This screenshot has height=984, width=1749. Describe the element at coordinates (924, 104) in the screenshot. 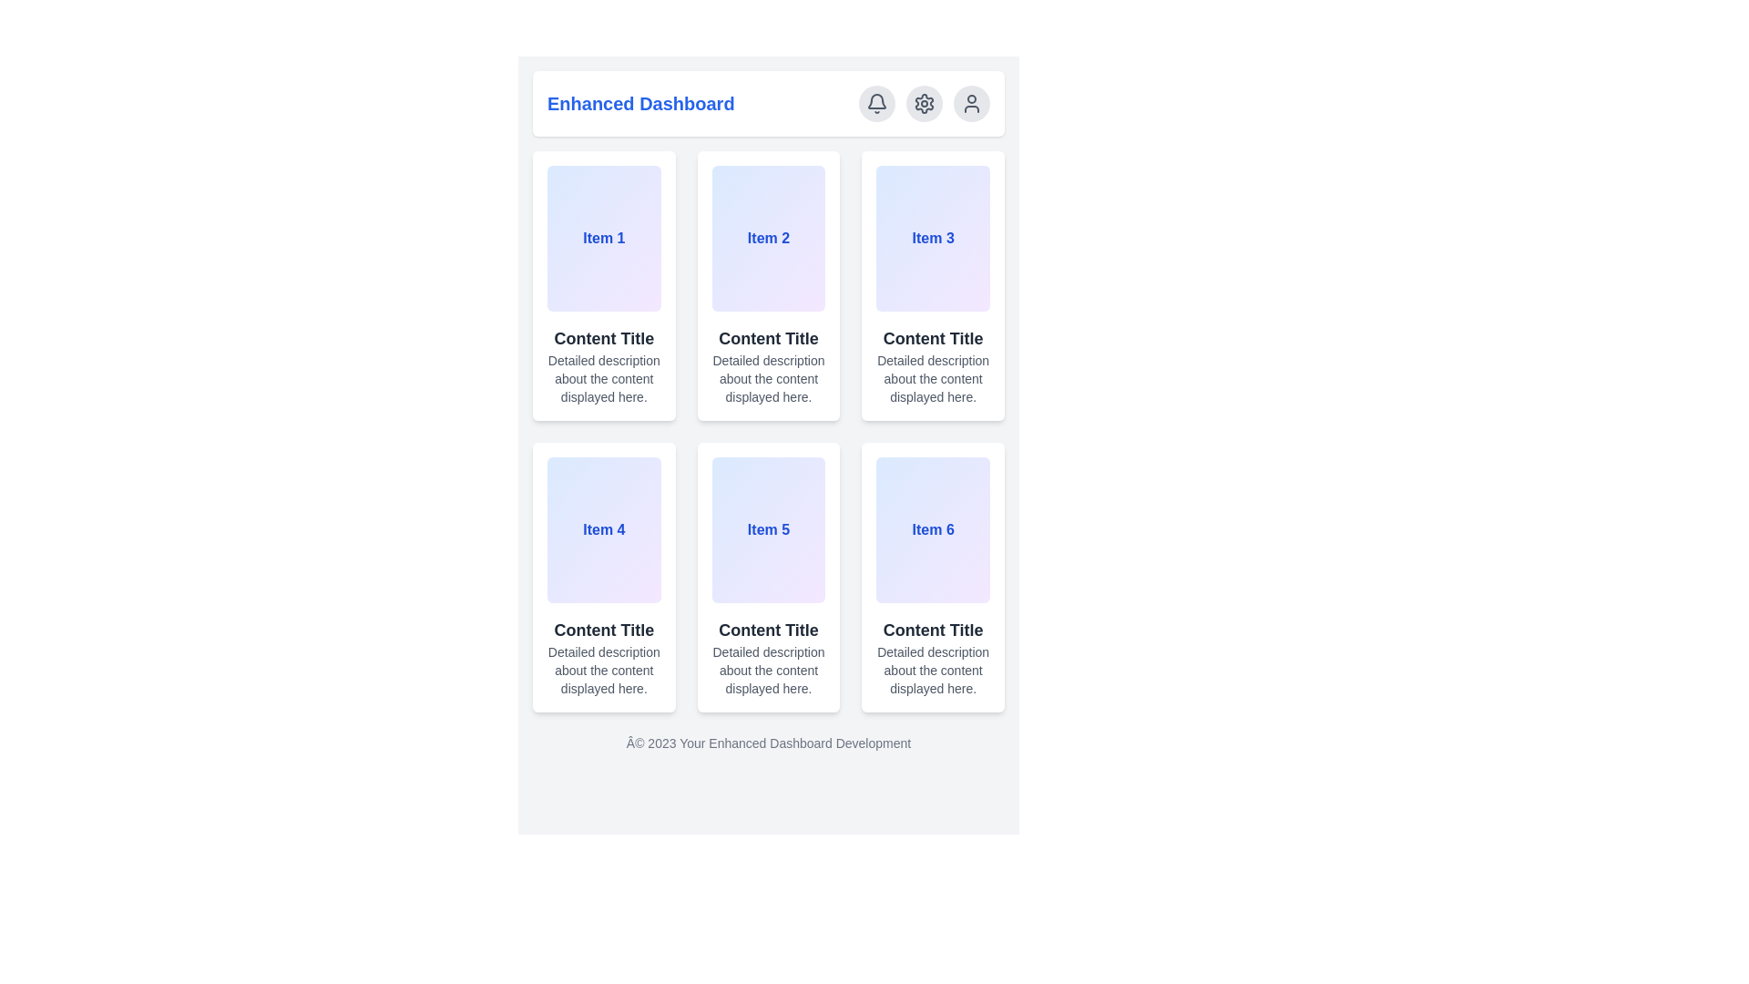

I see `keyboard navigation` at that location.